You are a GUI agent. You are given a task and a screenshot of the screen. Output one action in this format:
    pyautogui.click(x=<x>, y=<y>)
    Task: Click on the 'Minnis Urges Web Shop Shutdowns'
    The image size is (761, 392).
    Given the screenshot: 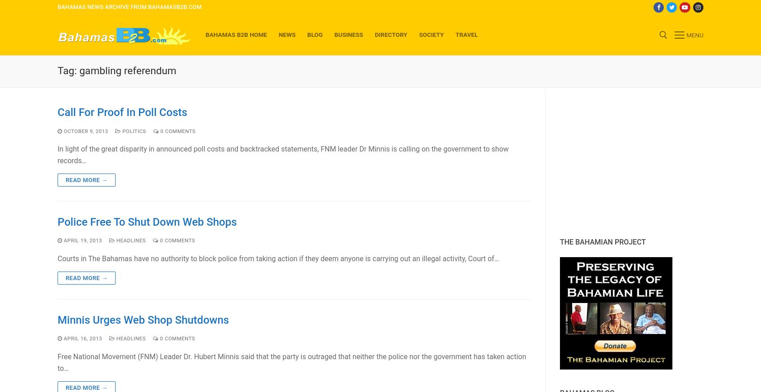 What is the action you would take?
    pyautogui.click(x=143, y=319)
    